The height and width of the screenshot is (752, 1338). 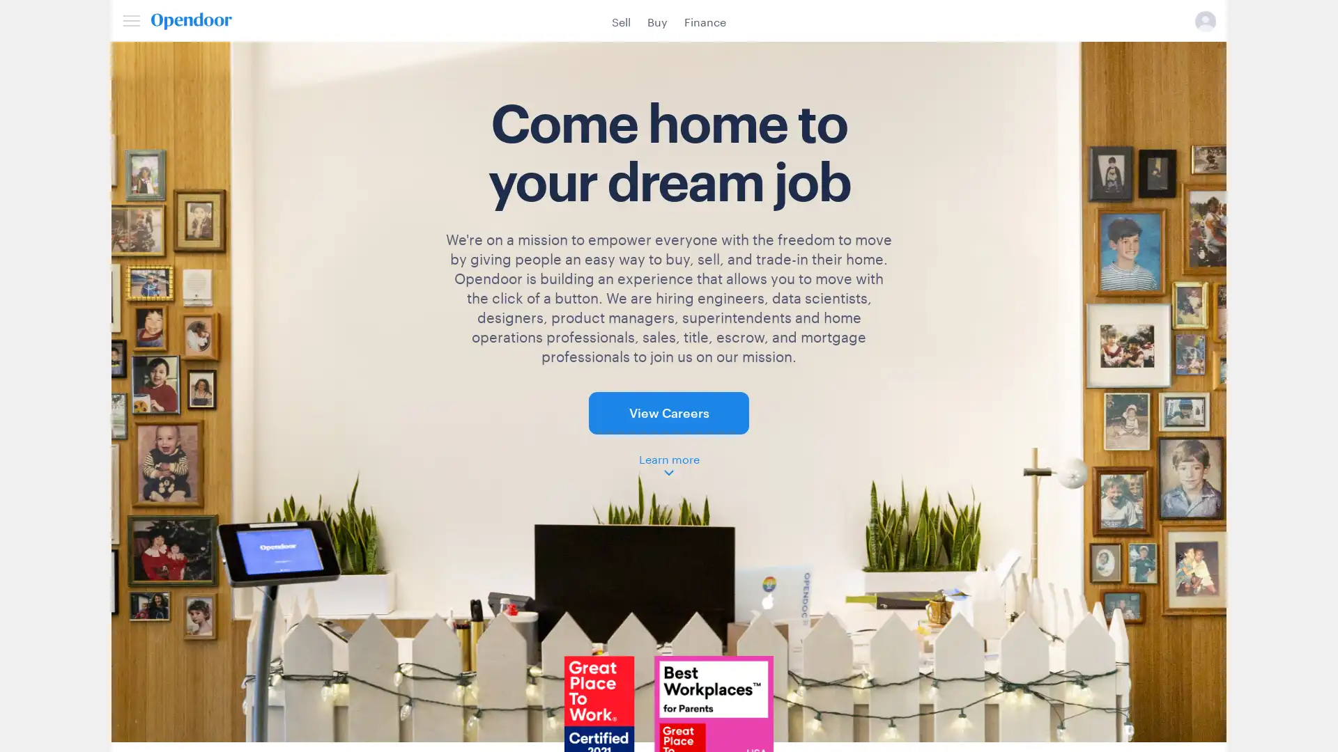 What do you see at coordinates (131, 20) in the screenshot?
I see `menu` at bounding box center [131, 20].